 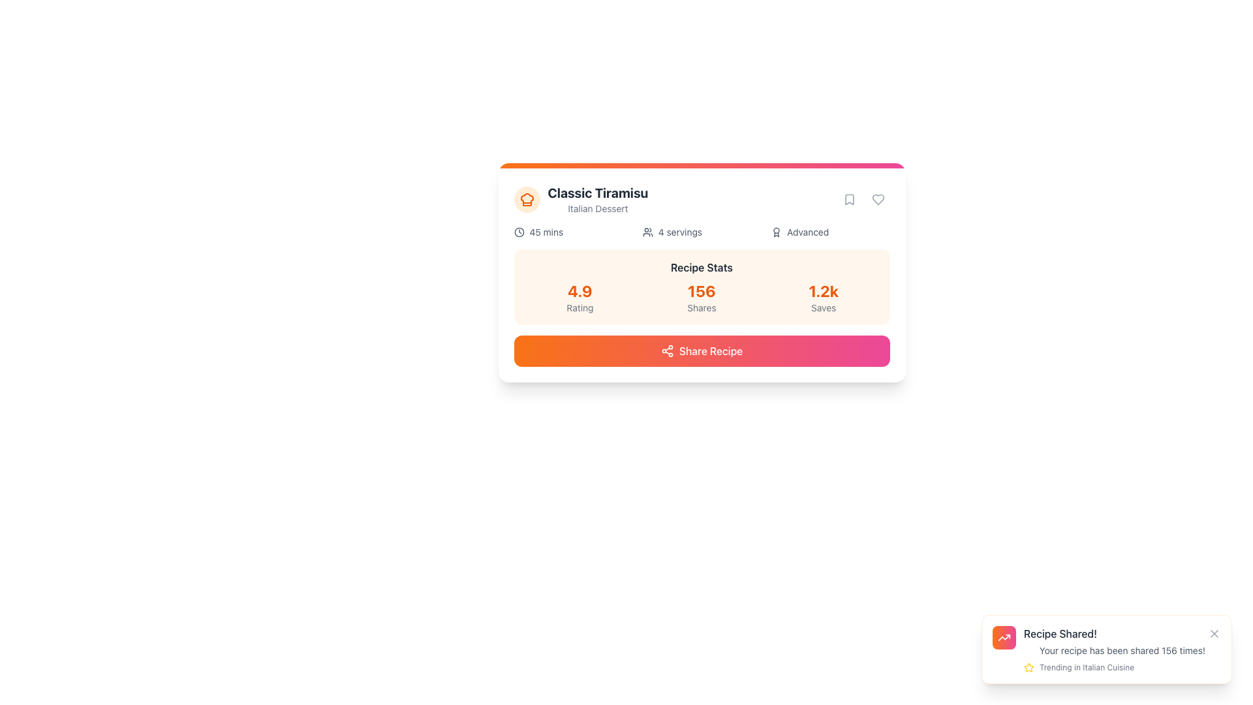 What do you see at coordinates (701, 297) in the screenshot?
I see `the text display showing '156 Shares' which is located in the middle column of the grid layout under the 'Recipe Stats' section` at bounding box center [701, 297].